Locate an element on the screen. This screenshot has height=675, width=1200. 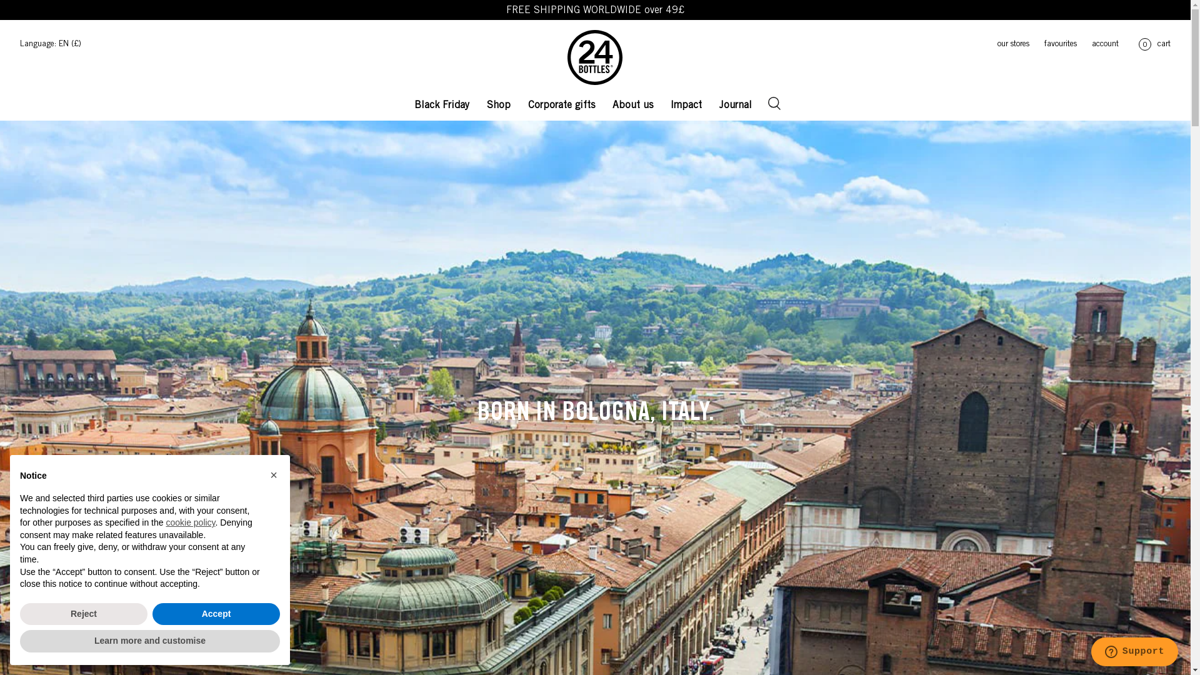
'Shop' is located at coordinates (497, 102).